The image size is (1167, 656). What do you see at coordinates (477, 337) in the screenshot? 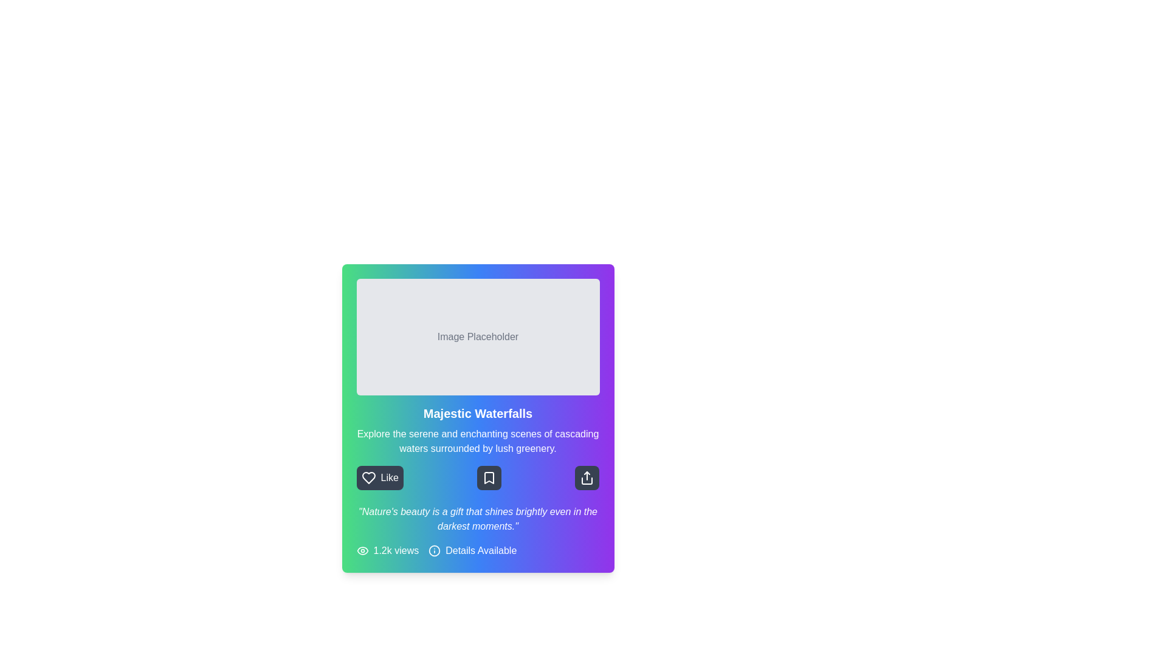
I see `the Text Label indicating the placeholder for an image, located at the center of a light gray rectangle within a card interface` at bounding box center [477, 337].